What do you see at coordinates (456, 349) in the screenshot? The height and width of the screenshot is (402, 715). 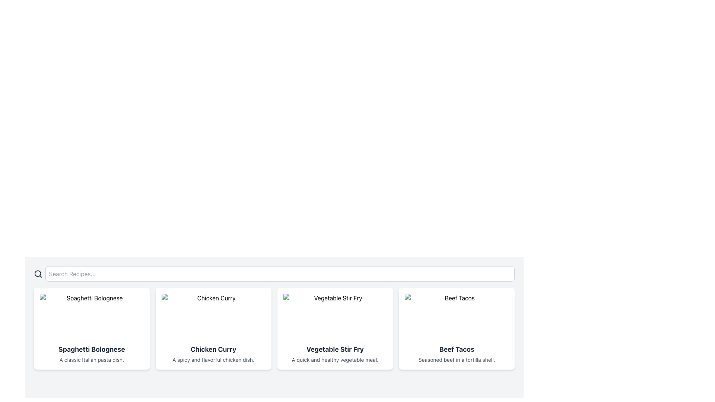 I see `text label that names the card, which is titled 'Beef Tacos' and is located in the center of the rightmost card beneath the image` at bounding box center [456, 349].